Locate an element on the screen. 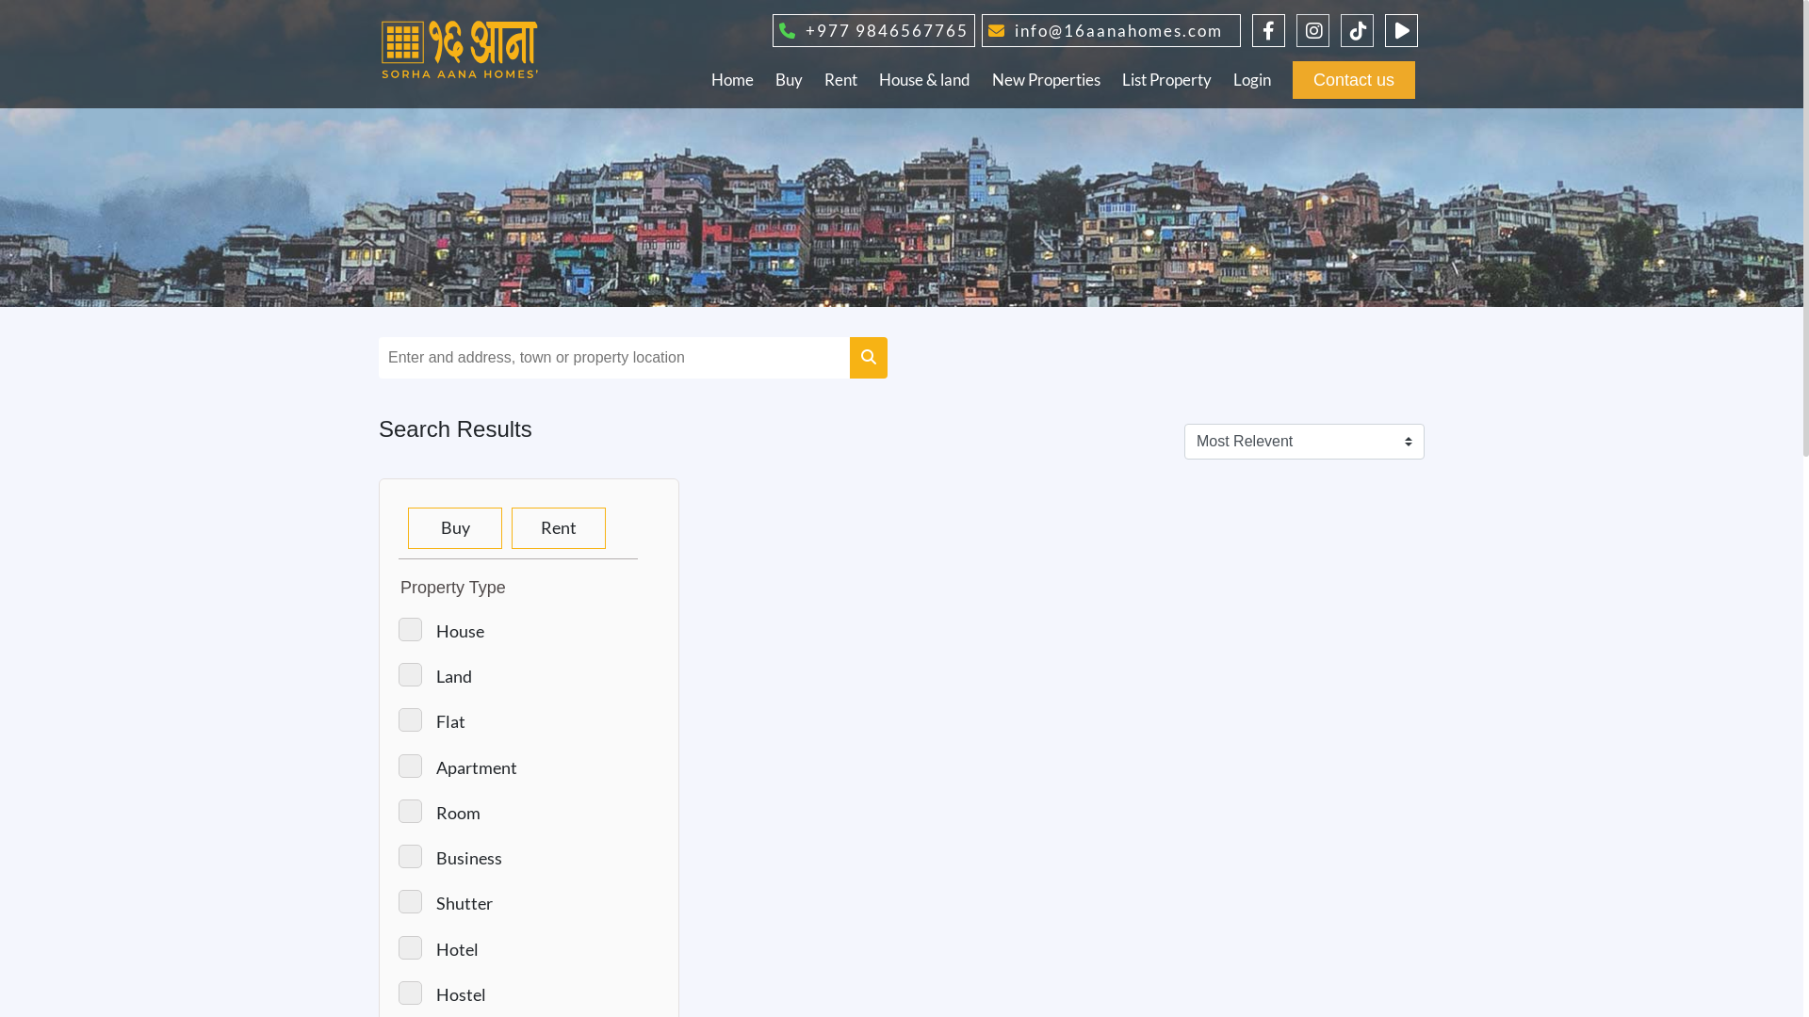 This screenshot has width=1809, height=1017. 'New Properties' is located at coordinates (990, 78).